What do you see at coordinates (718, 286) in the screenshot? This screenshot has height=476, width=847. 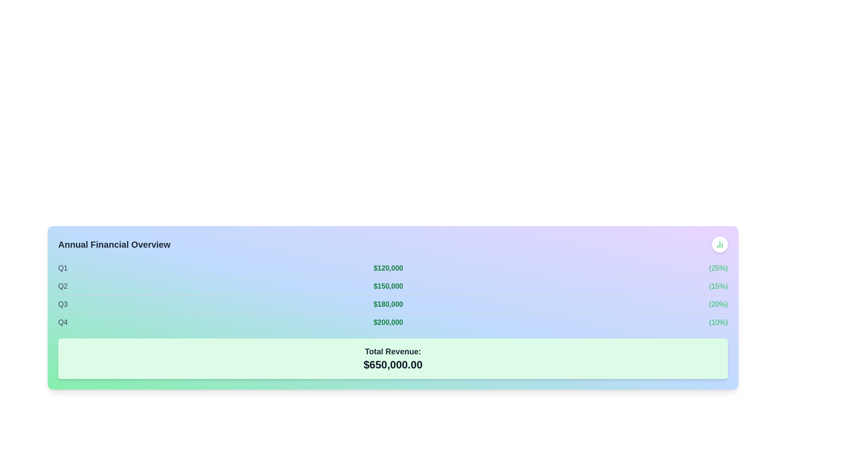 I see `the green text label displaying '(15%)' in parentheses, which is located in the second row of the financial overview table aligned with 'Q2'` at bounding box center [718, 286].